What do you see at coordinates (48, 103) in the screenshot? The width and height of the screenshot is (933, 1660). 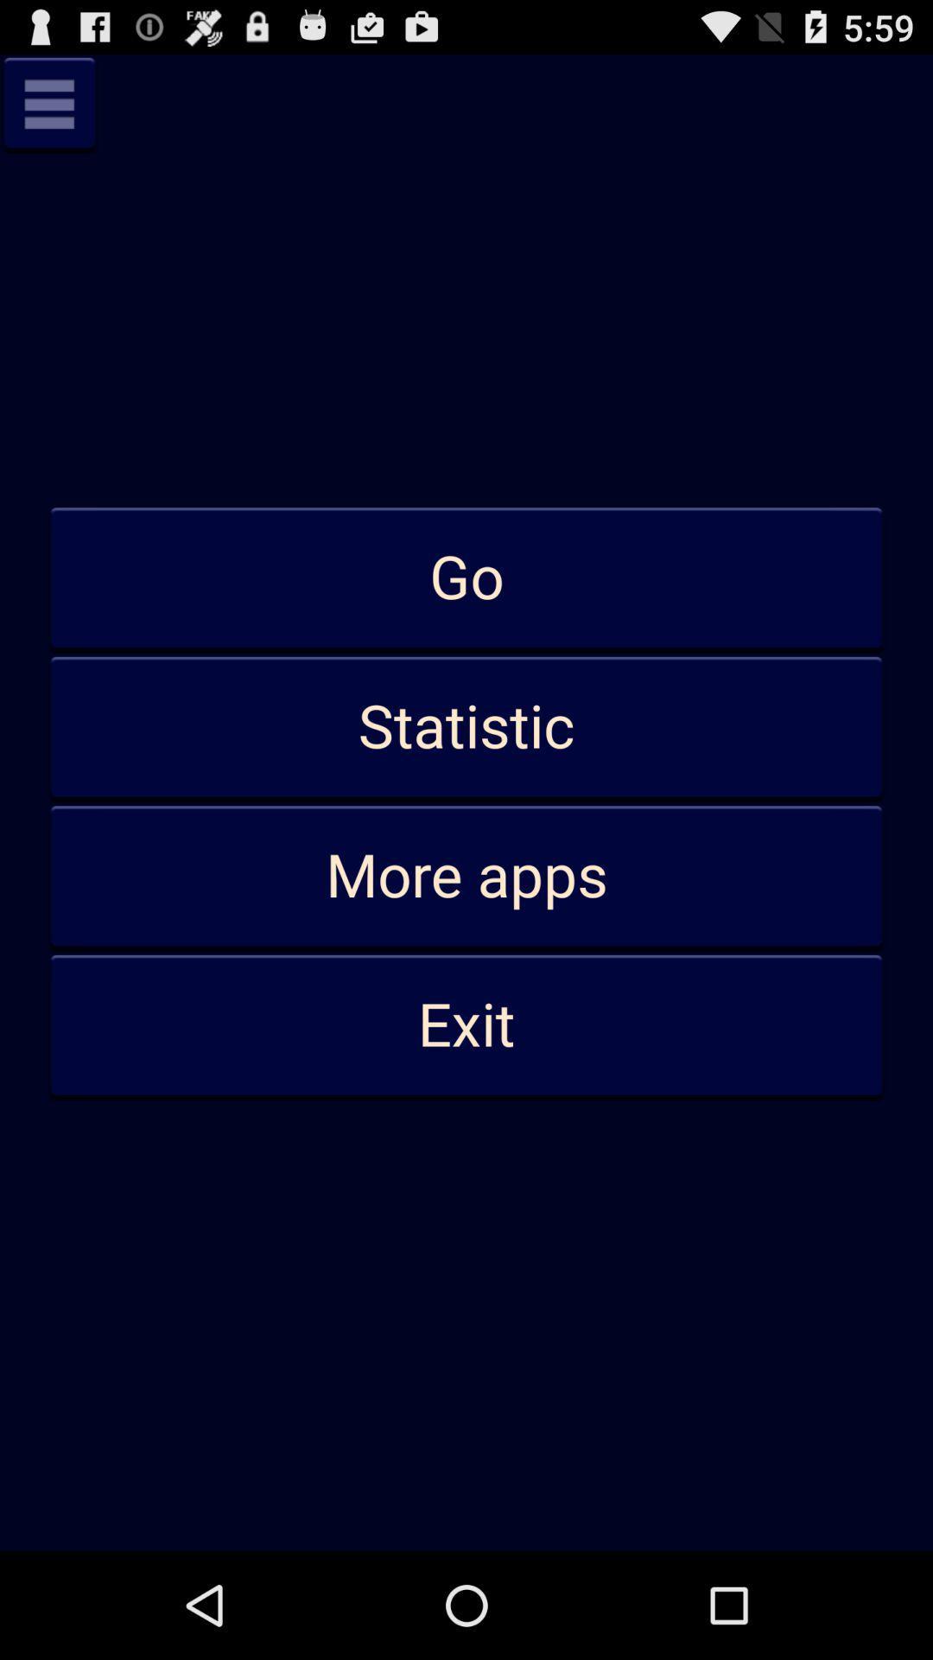 I see `menu` at bounding box center [48, 103].